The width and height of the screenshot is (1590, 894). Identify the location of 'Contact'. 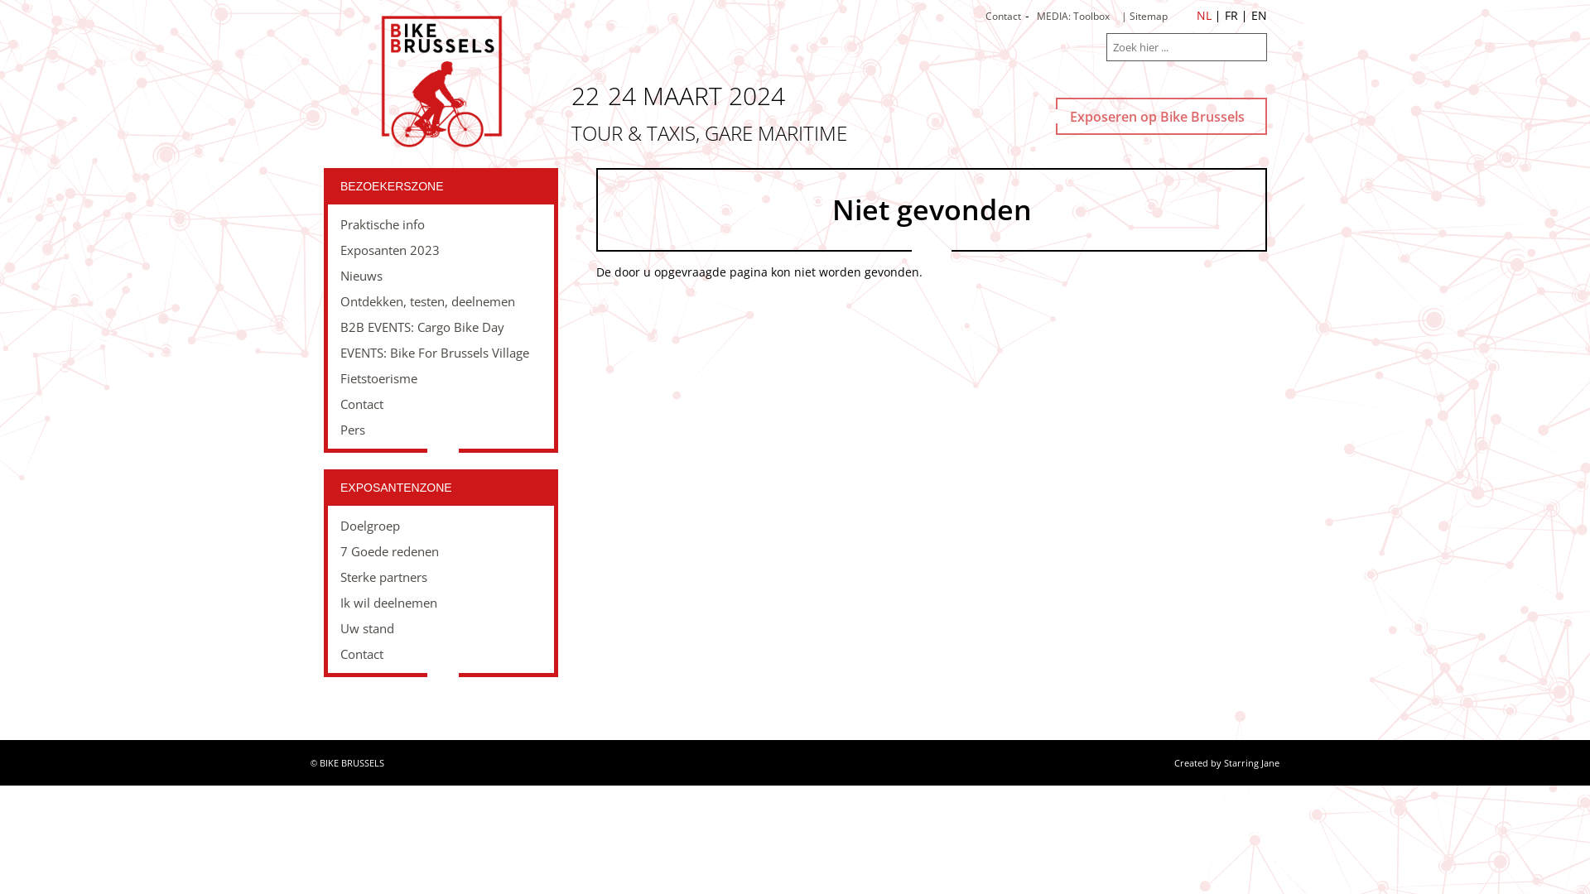
(1002, 16).